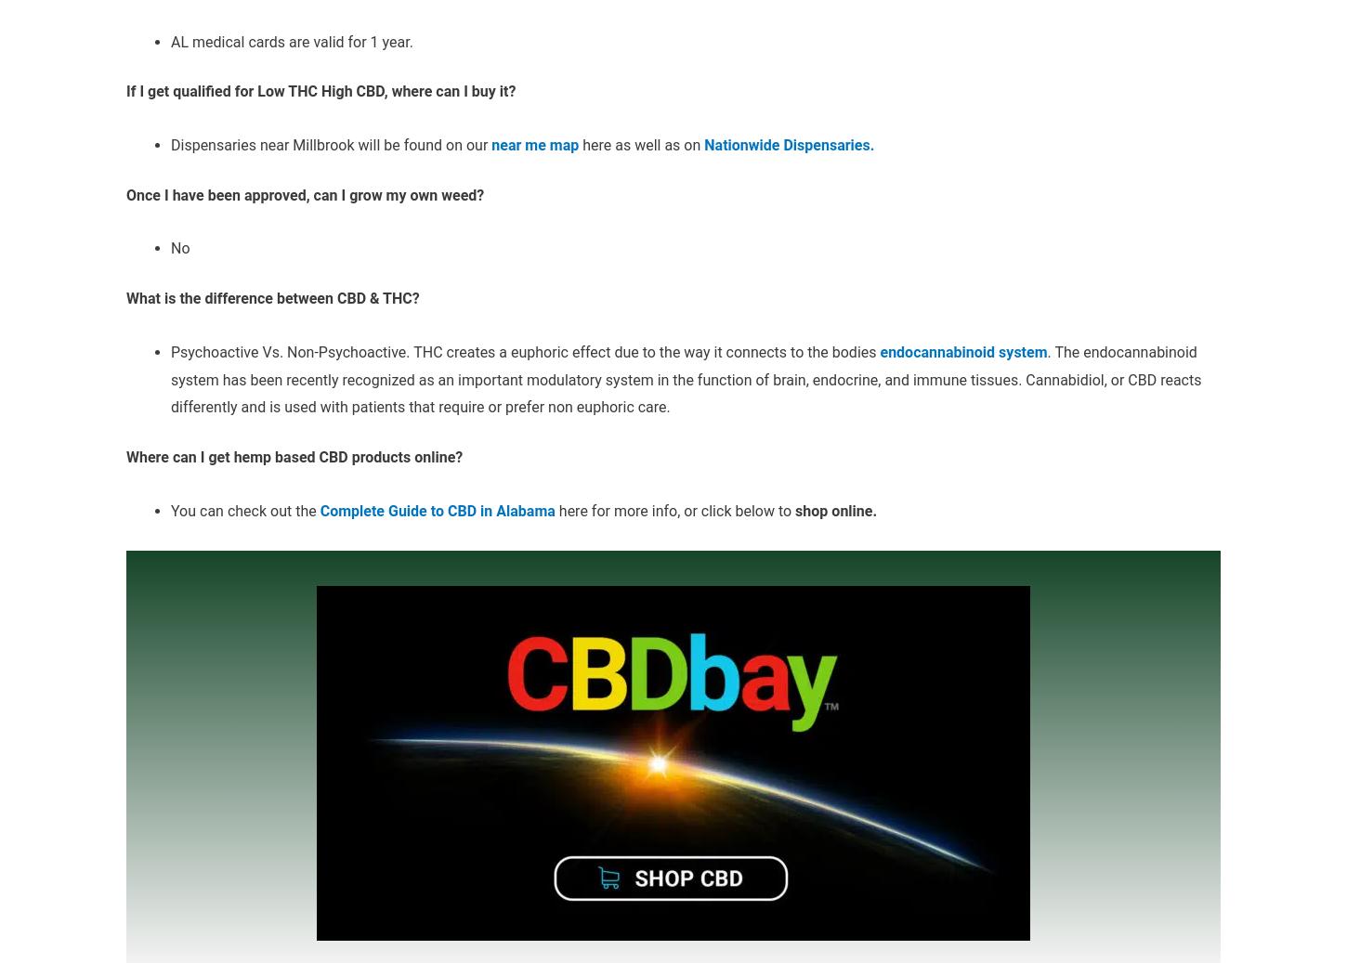 Image resolution: width=1347 pixels, height=963 pixels. I want to click on 'What is the difference between CBD & THC?', so click(272, 297).